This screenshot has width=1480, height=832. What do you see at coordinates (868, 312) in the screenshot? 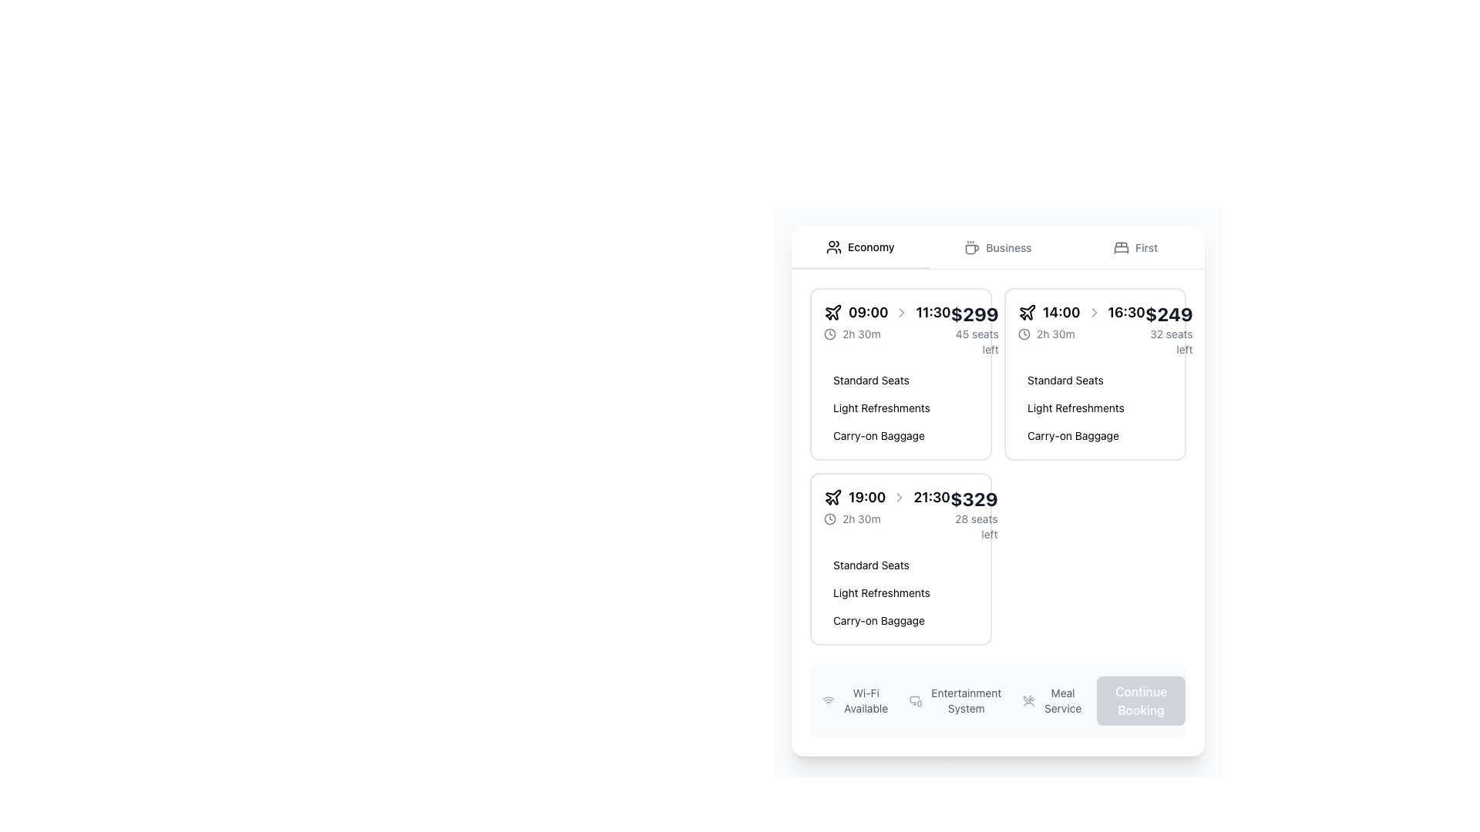
I see `the text label displaying '09:00', which indicates the departure time for a flight and is located within the top-left flight schedule card, positioned between a plane icon and a right arrow` at bounding box center [868, 312].